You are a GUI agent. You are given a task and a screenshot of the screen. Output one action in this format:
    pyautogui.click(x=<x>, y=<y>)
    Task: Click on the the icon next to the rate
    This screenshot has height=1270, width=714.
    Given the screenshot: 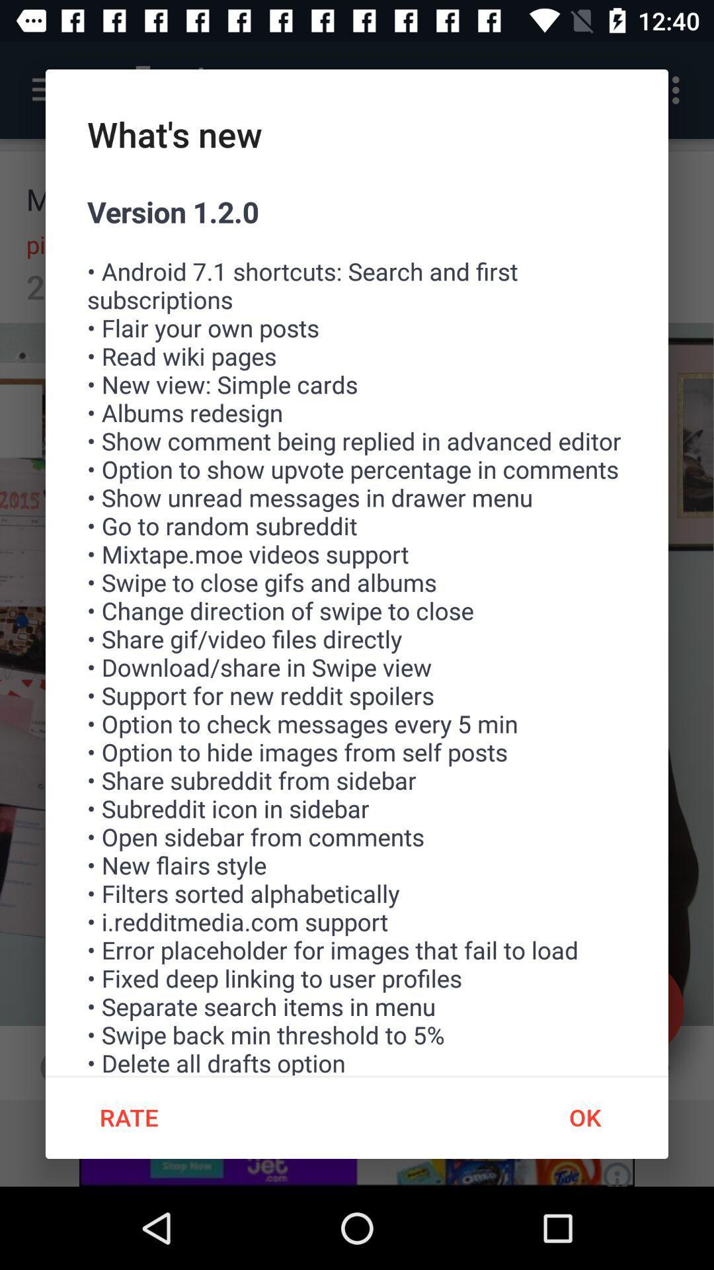 What is the action you would take?
    pyautogui.click(x=584, y=1117)
    